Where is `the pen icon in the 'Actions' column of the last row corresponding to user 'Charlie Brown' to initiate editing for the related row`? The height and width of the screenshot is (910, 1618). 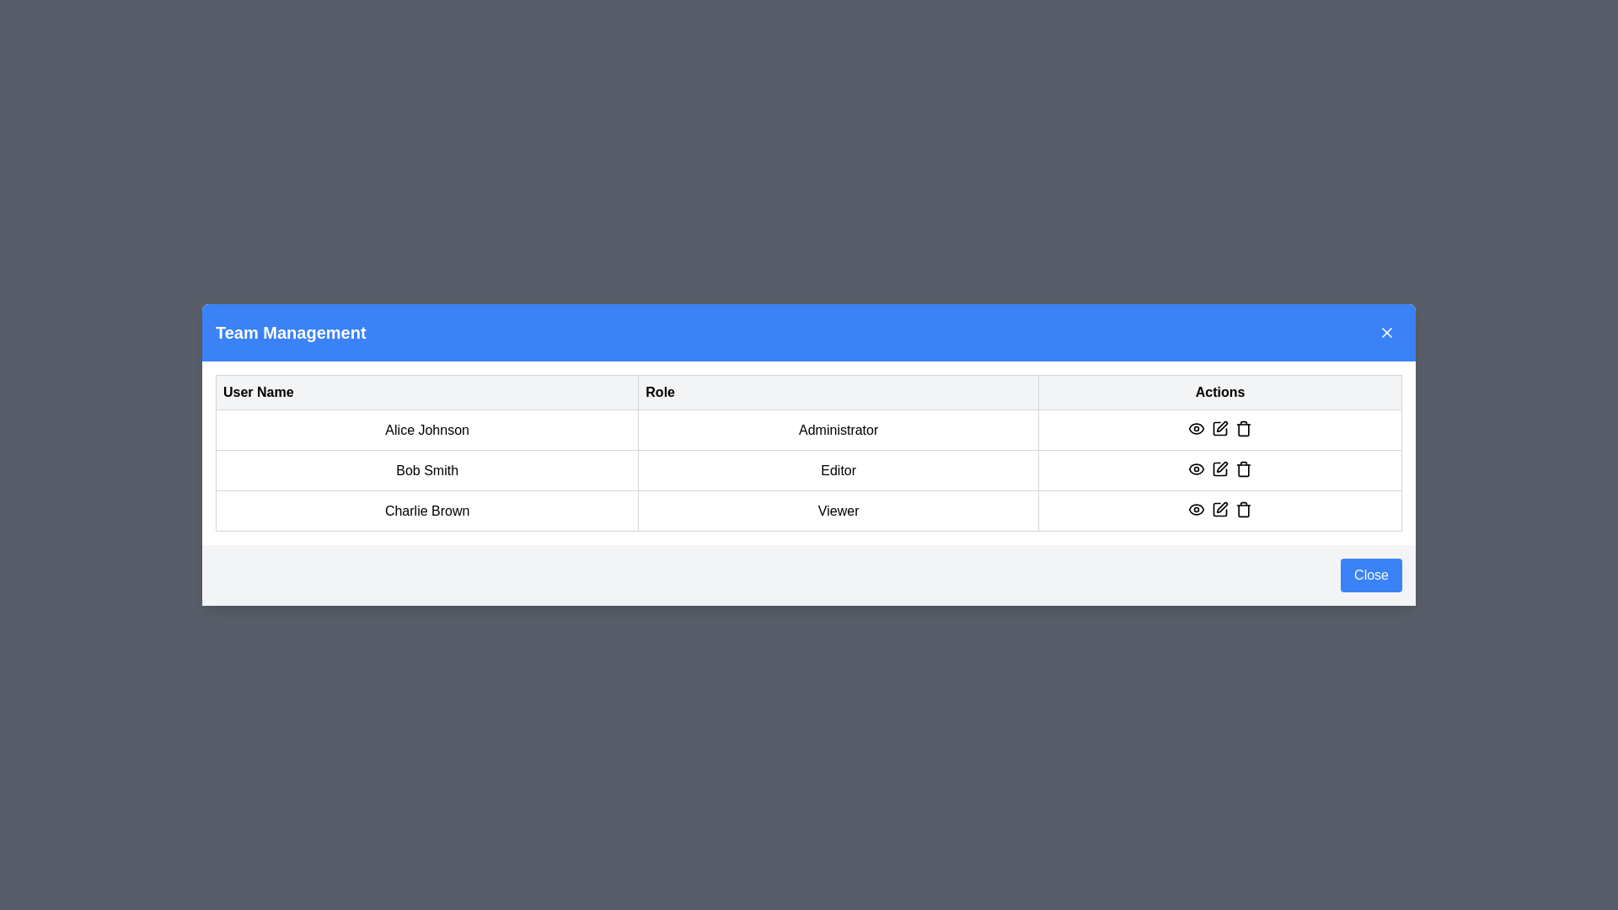 the pen icon in the 'Actions' column of the last row corresponding to user 'Charlie Brown' to initiate editing for the related row is located at coordinates (1222, 506).